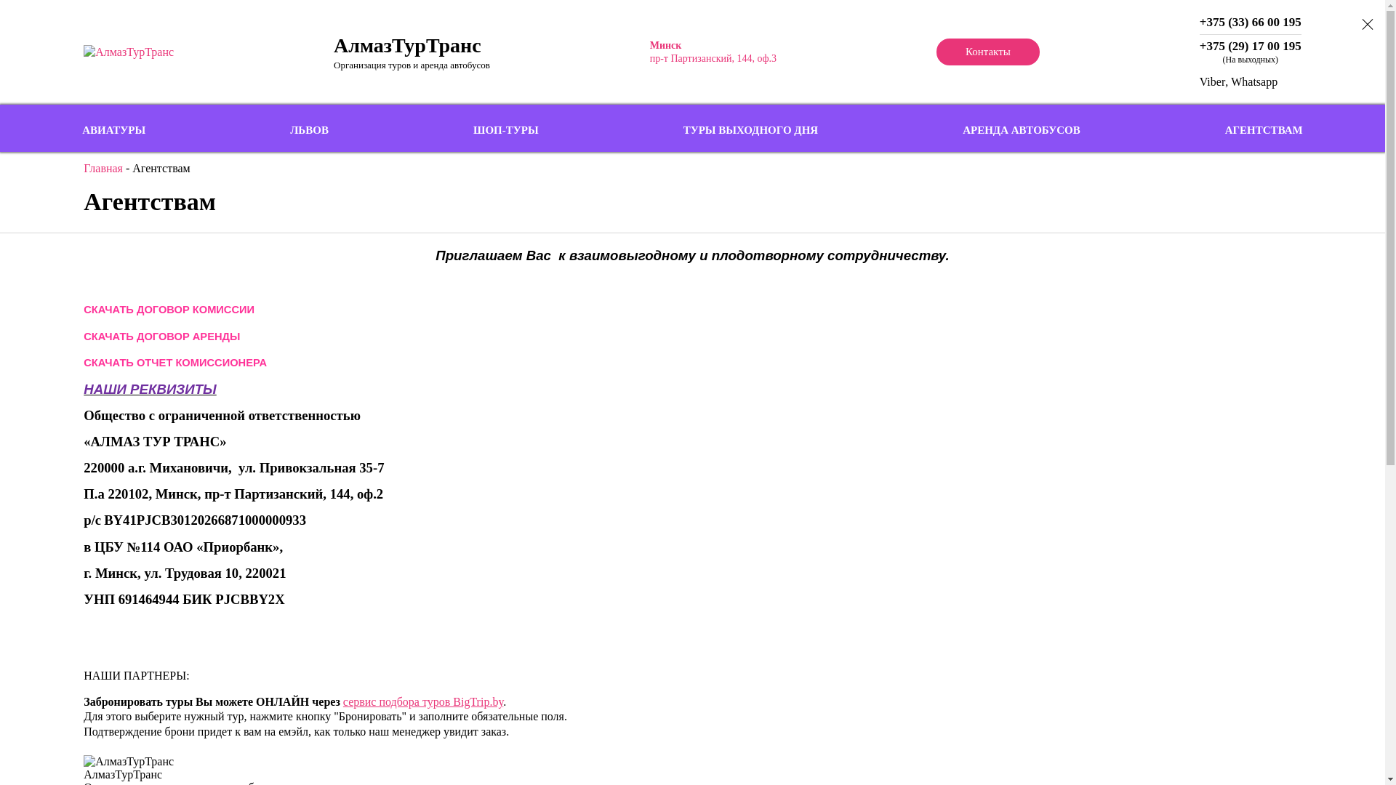 The width and height of the screenshot is (1396, 785). What do you see at coordinates (1249, 22) in the screenshot?
I see `'+375 (33) 66 00 195'` at bounding box center [1249, 22].